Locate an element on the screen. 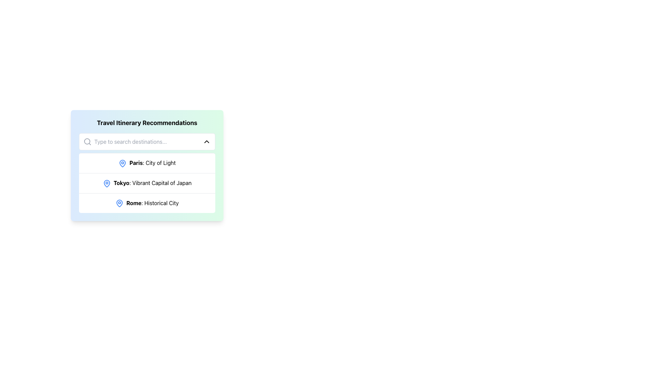 This screenshot has width=654, height=368. the outer shape of the map pin icon located to the left of the text 'Rome: Historical City' in the third row of the list is located at coordinates (120, 203).